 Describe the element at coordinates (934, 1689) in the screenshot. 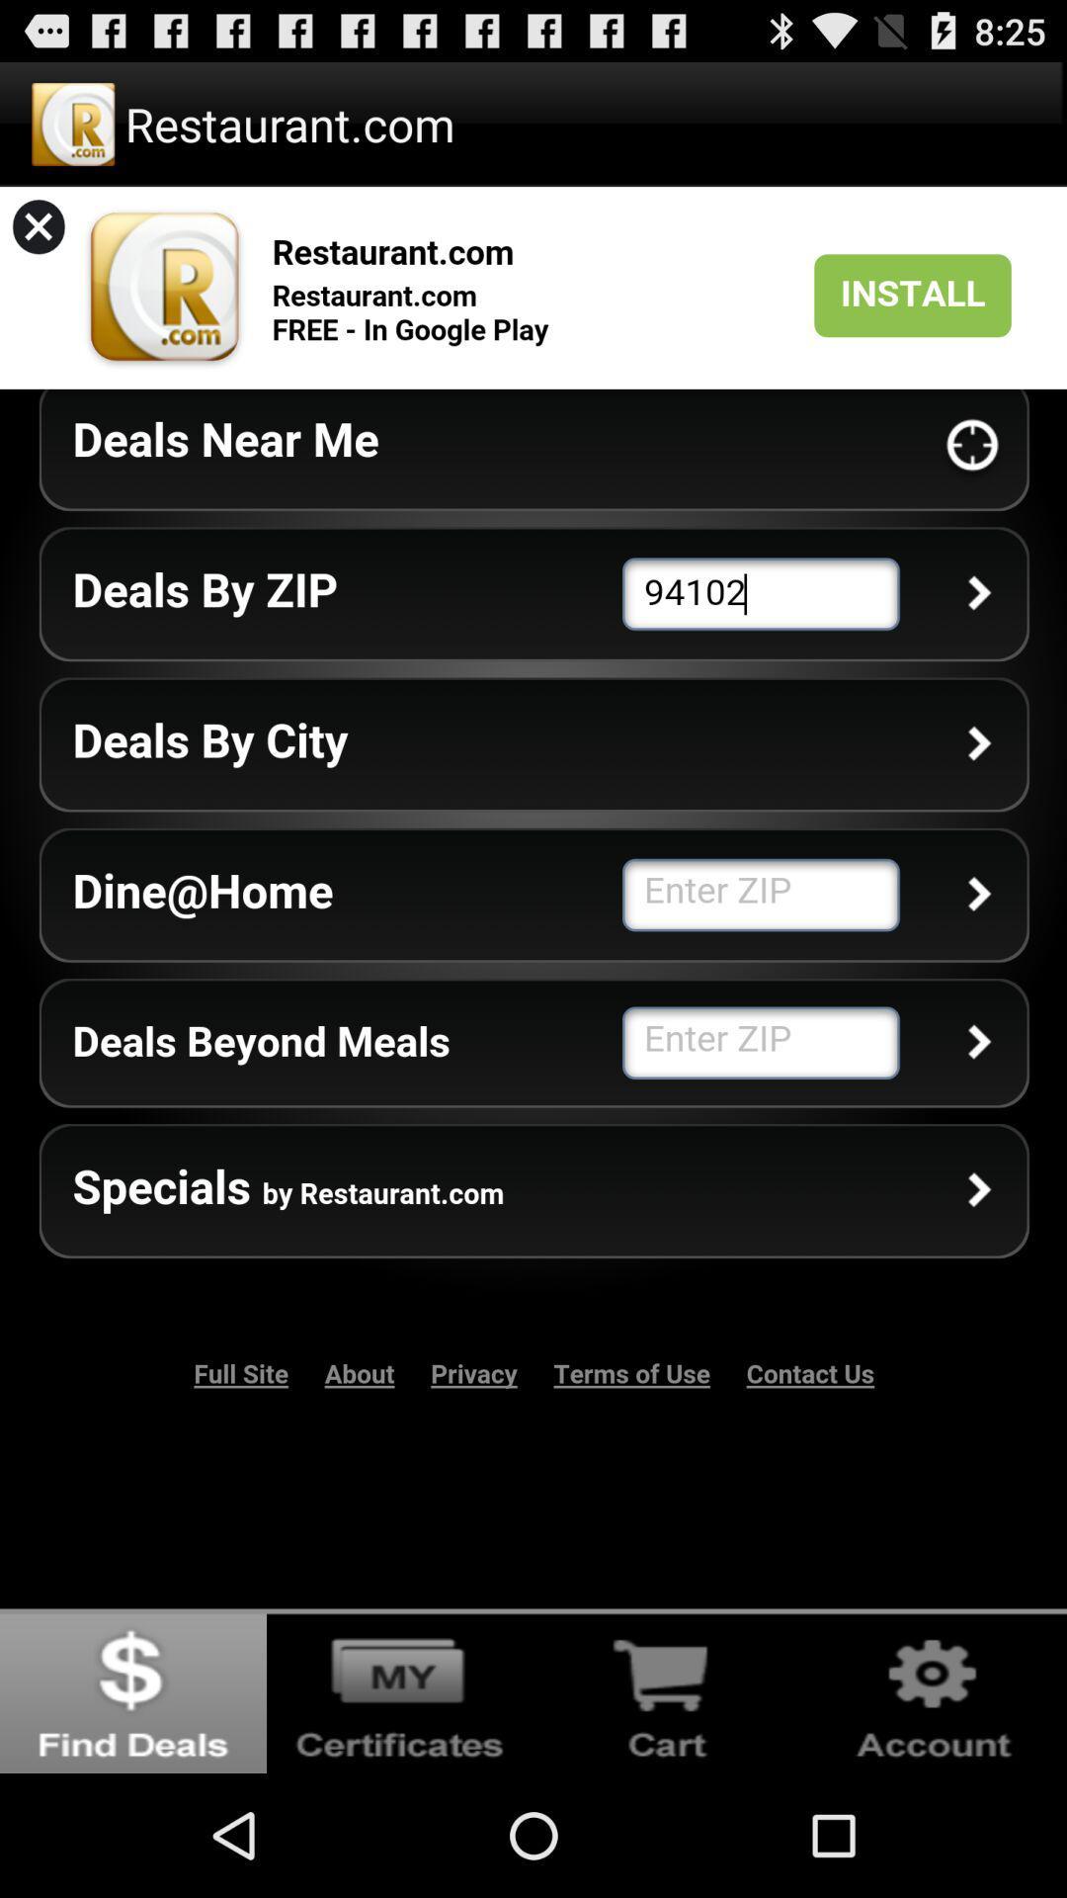

I see `settings` at that location.